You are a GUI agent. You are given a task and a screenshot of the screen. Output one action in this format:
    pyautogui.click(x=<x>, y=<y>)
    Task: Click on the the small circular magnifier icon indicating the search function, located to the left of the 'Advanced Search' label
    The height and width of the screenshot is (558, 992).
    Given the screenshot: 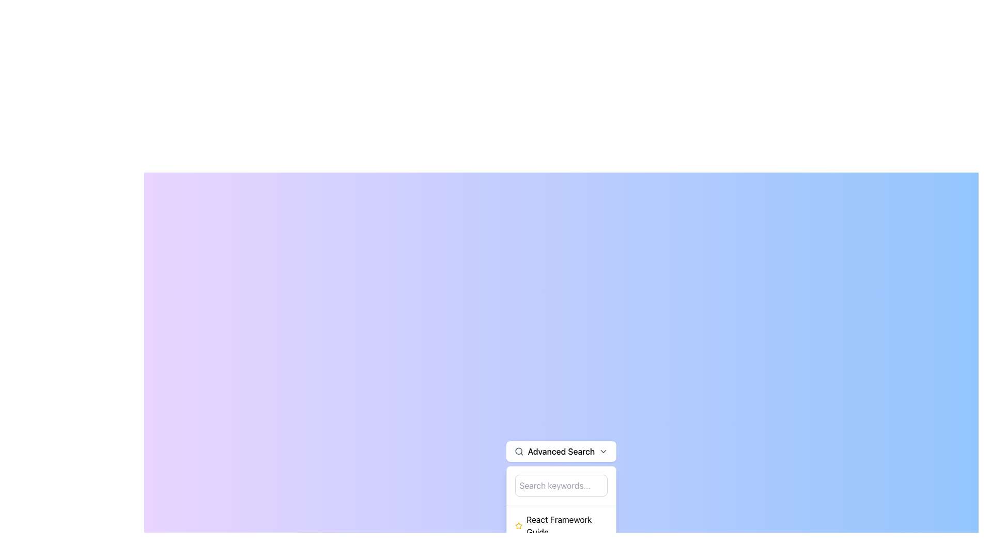 What is the action you would take?
    pyautogui.click(x=519, y=451)
    